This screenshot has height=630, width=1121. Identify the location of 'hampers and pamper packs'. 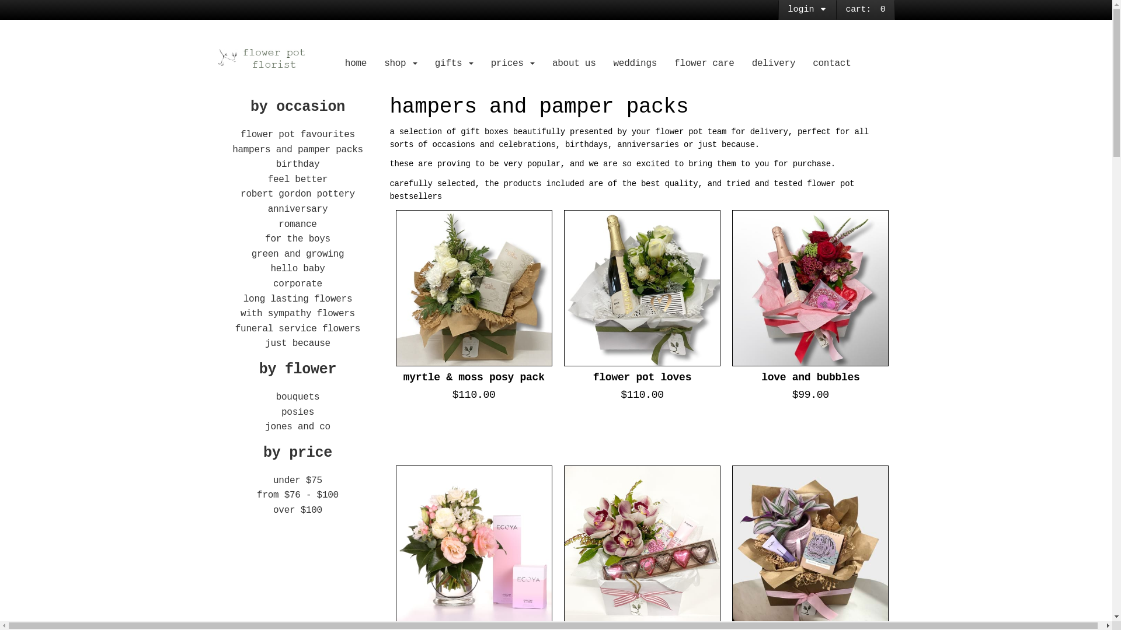
(297, 149).